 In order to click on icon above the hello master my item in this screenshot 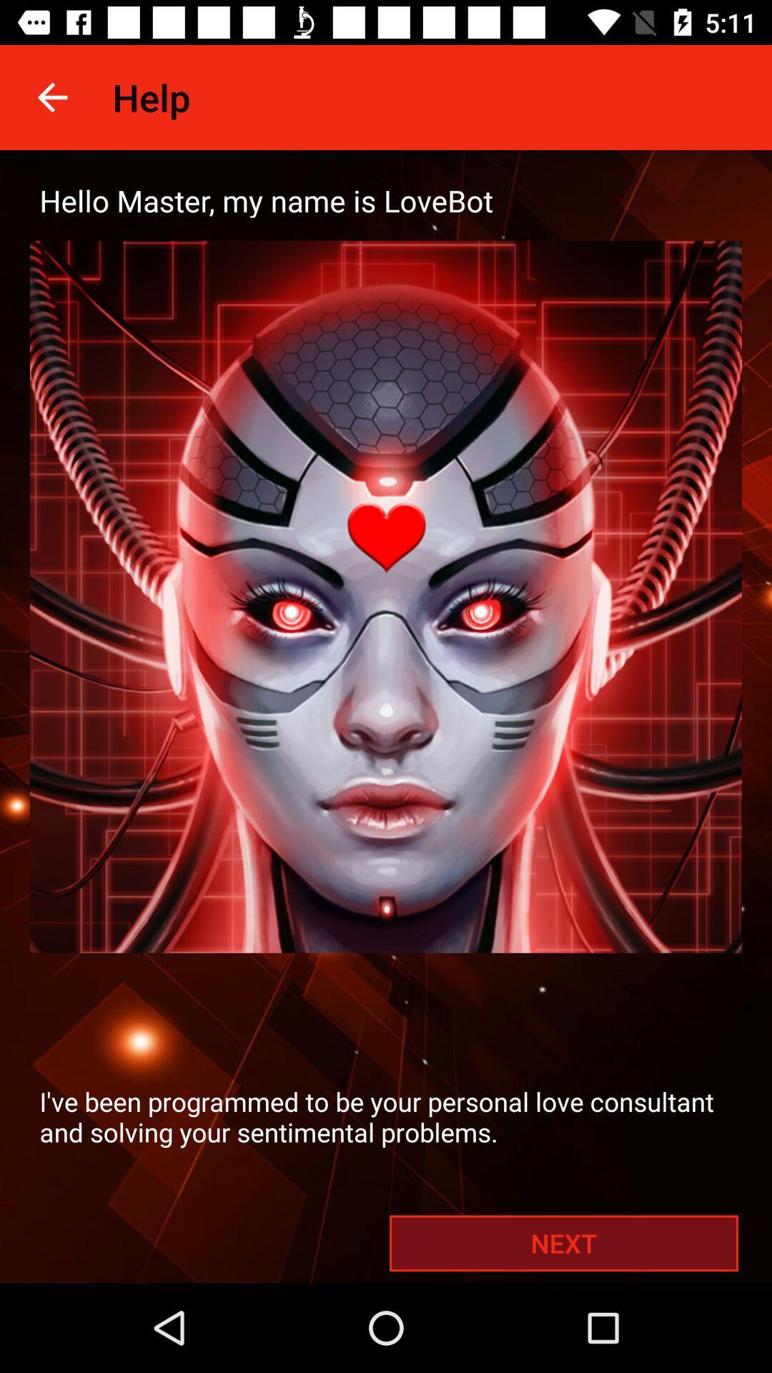, I will do `click(51, 97)`.